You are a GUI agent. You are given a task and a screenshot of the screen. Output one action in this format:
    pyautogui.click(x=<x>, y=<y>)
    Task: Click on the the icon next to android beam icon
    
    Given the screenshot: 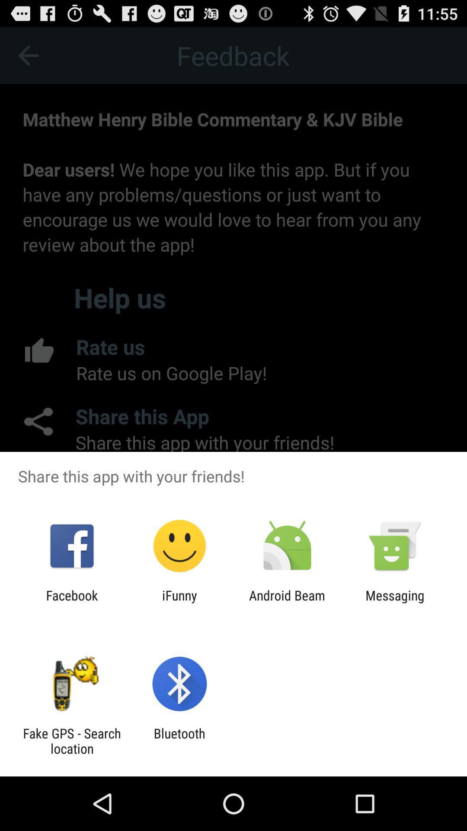 What is the action you would take?
    pyautogui.click(x=395, y=602)
    